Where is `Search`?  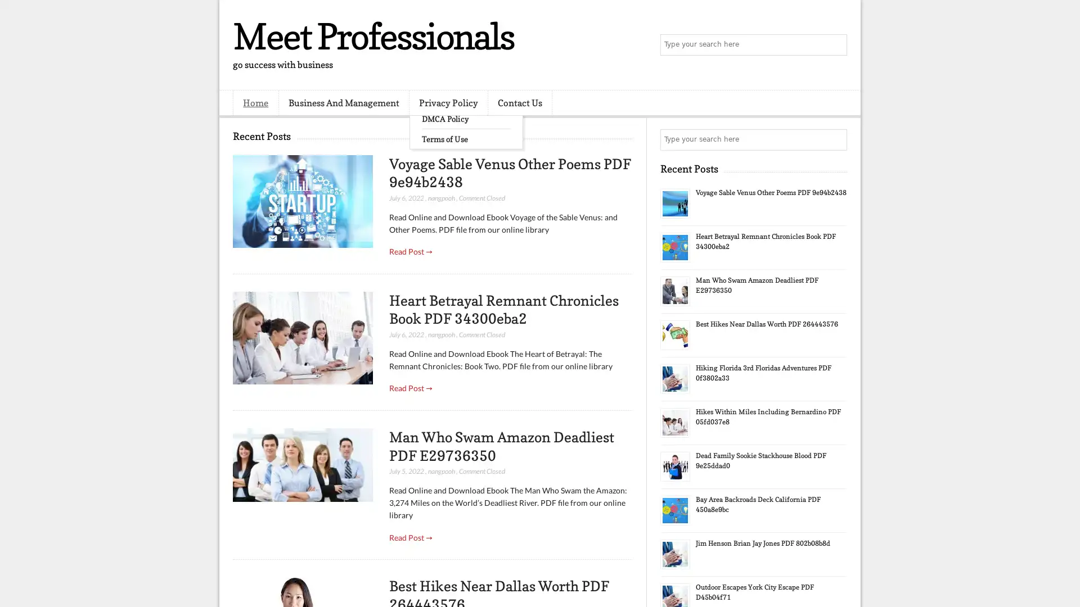
Search is located at coordinates (835, 45).